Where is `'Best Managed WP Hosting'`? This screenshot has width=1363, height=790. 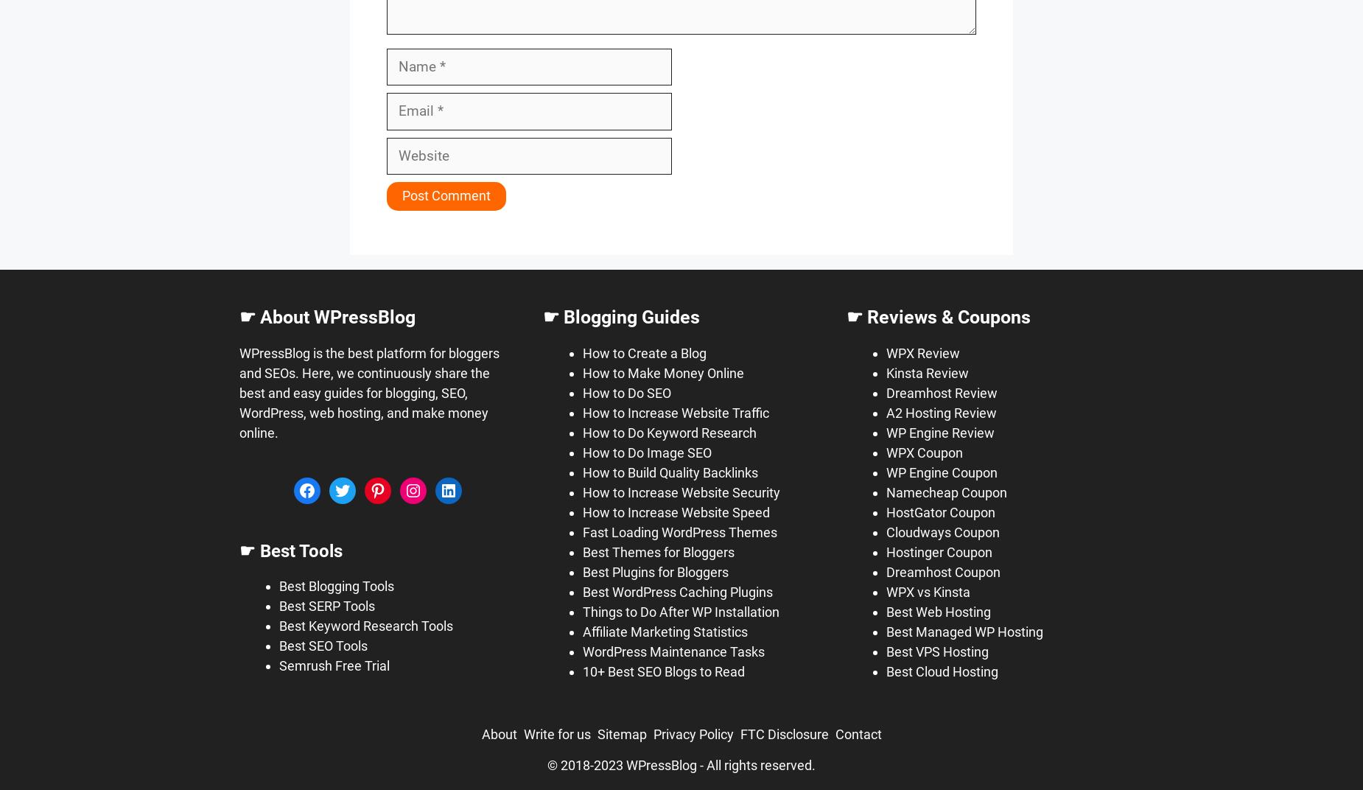
'Best Managed WP Hosting' is located at coordinates (886, 630).